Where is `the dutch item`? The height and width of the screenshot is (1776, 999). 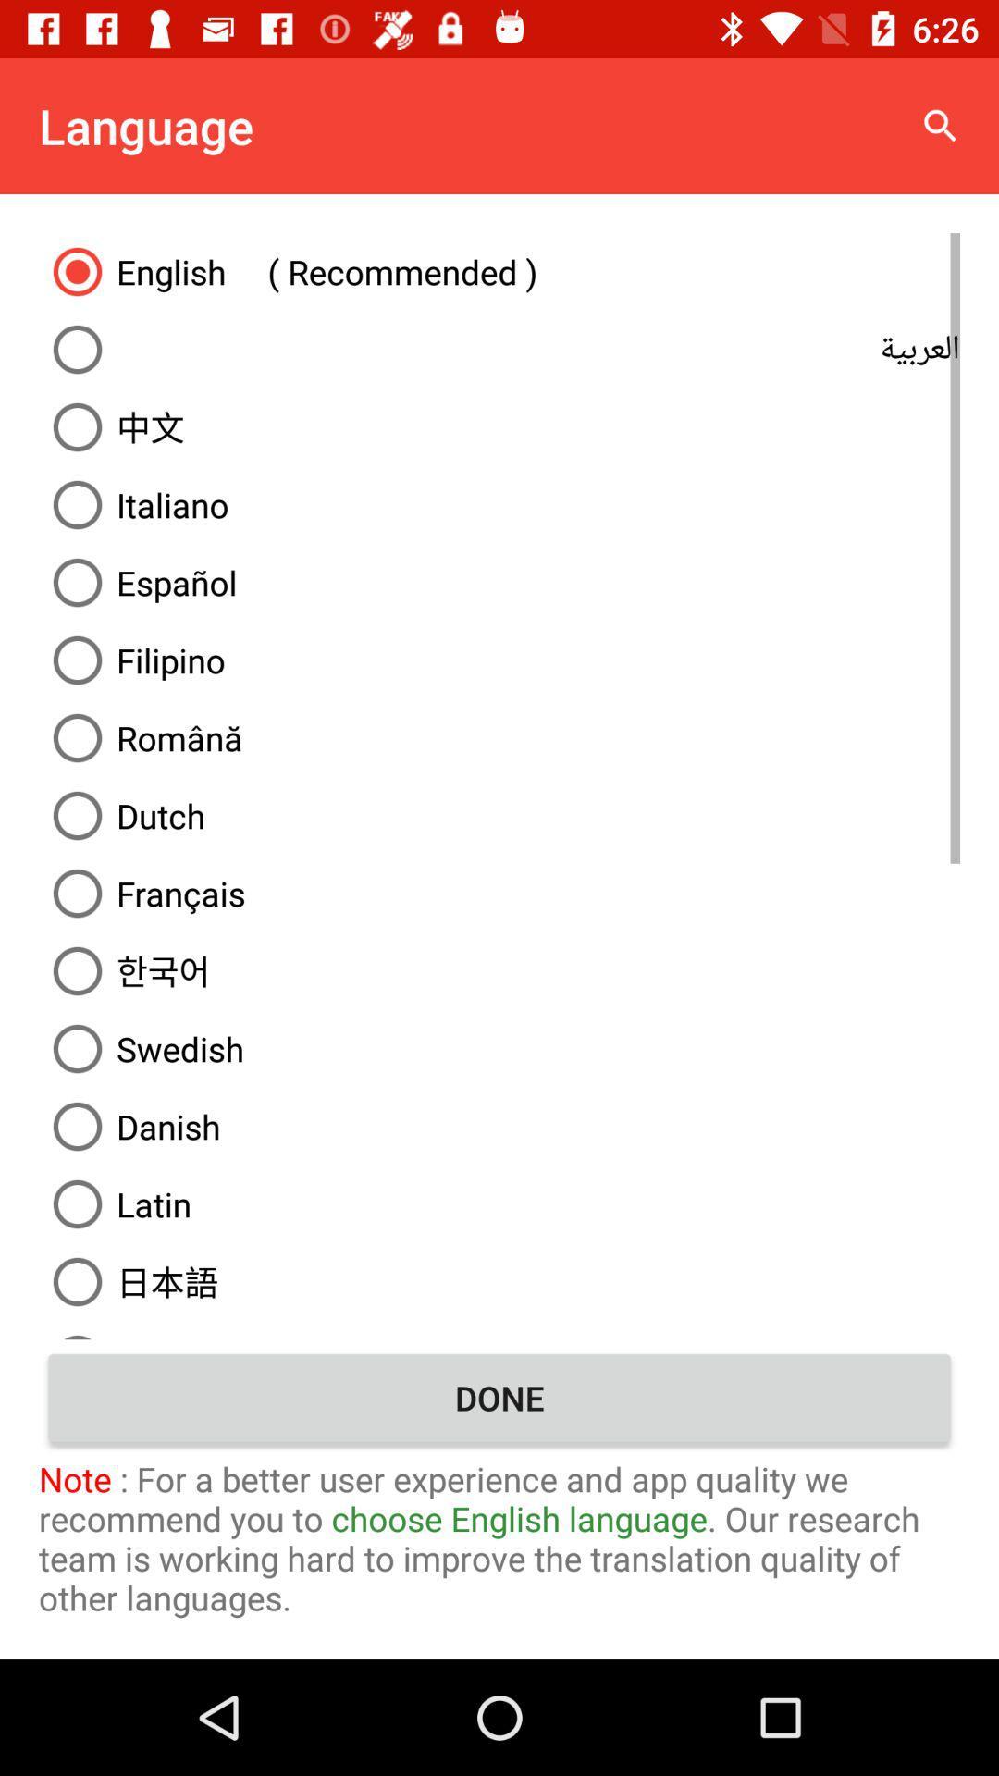 the dutch item is located at coordinates (499, 815).